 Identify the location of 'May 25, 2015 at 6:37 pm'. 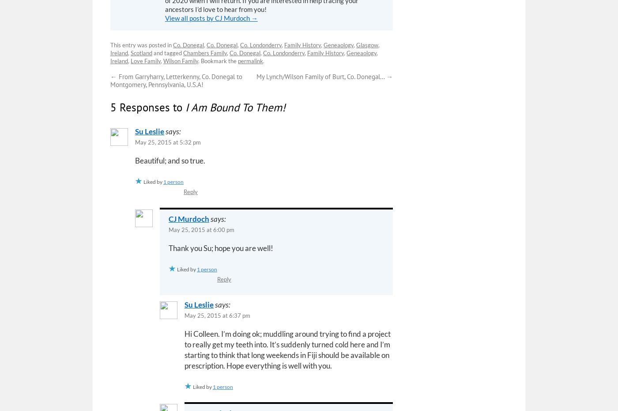
(217, 315).